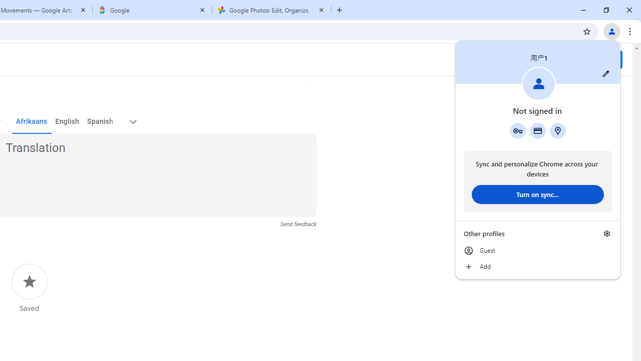  What do you see at coordinates (605, 73) in the screenshot?
I see `'Customize profile'` at bounding box center [605, 73].